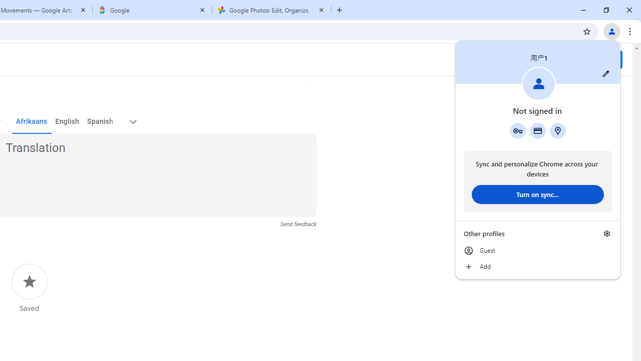  What do you see at coordinates (605, 73) in the screenshot?
I see `'Customize profile'` at bounding box center [605, 73].